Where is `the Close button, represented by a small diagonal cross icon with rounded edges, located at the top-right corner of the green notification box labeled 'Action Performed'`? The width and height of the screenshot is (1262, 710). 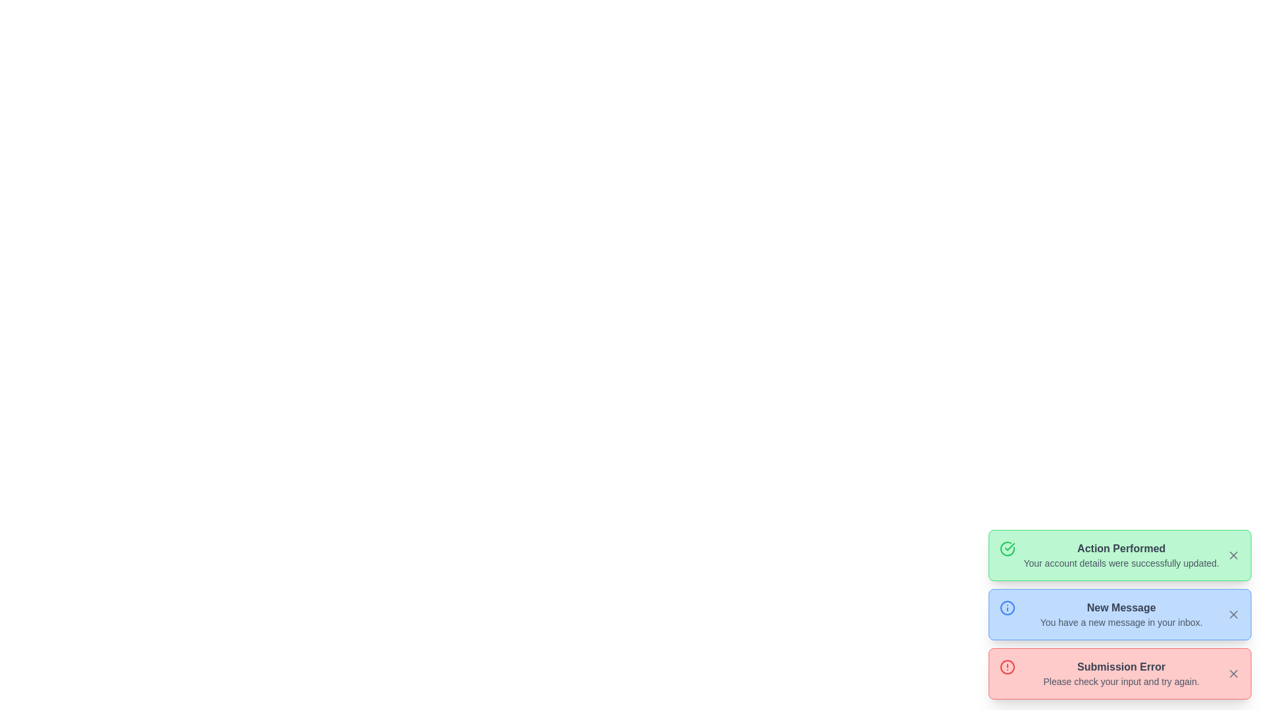 the Close button, represented by a small diagonal cross icon with rounded edges, located at the top-right corner of the green notification box labeled 'Action Performed' is located at coordinates (1232, 555).